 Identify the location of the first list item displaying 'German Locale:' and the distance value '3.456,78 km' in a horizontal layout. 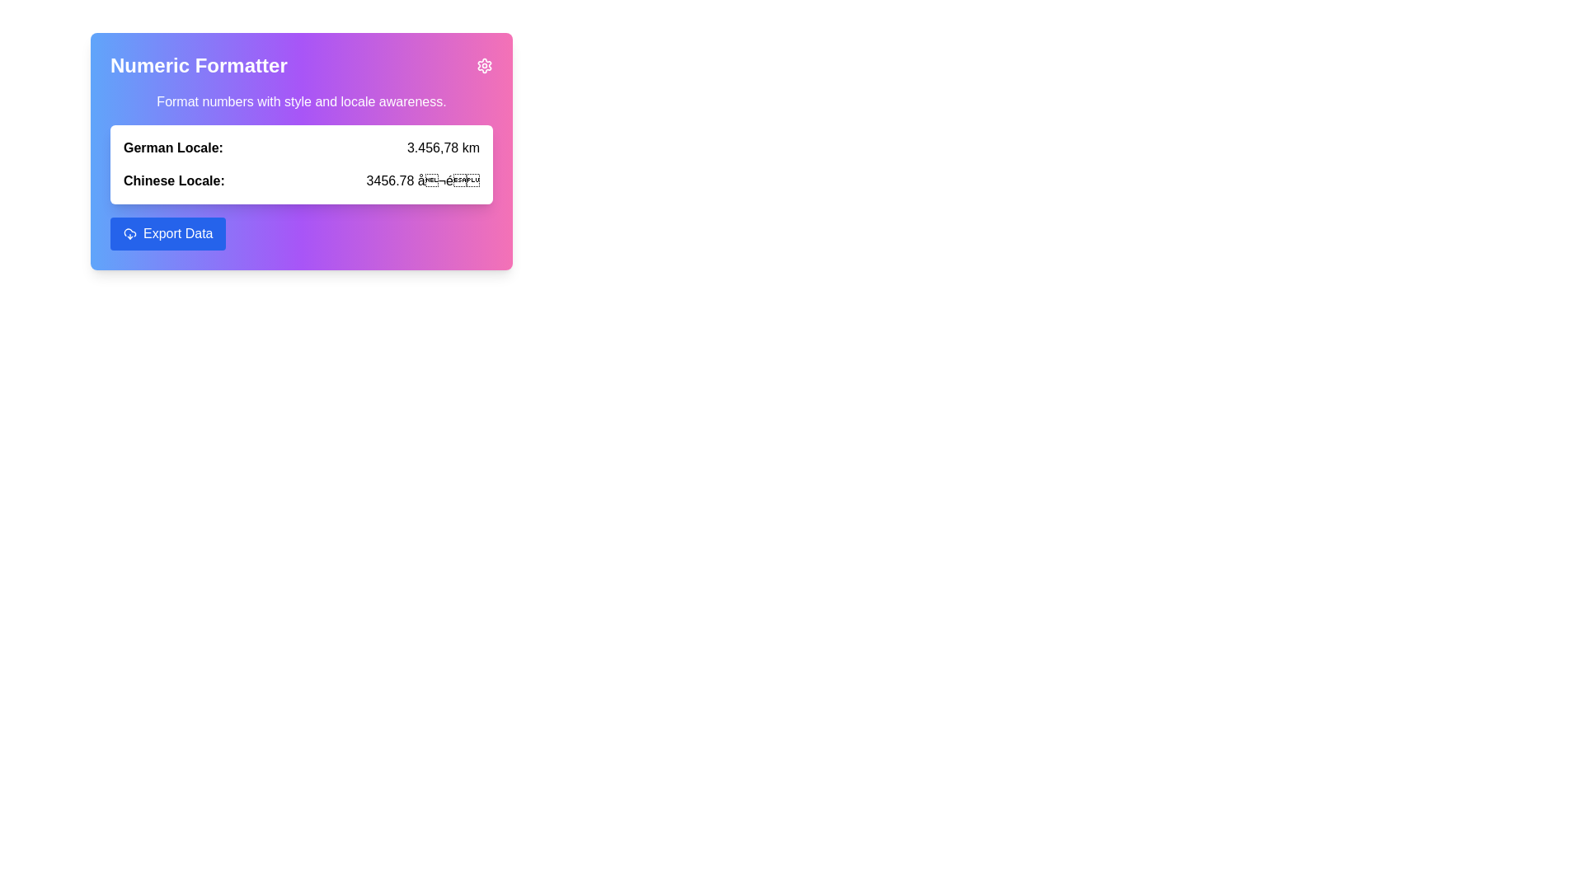
(301, 148).